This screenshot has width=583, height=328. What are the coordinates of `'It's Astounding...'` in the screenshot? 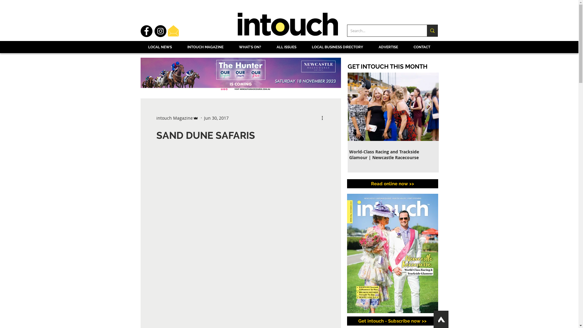 It's located at (484, 151).